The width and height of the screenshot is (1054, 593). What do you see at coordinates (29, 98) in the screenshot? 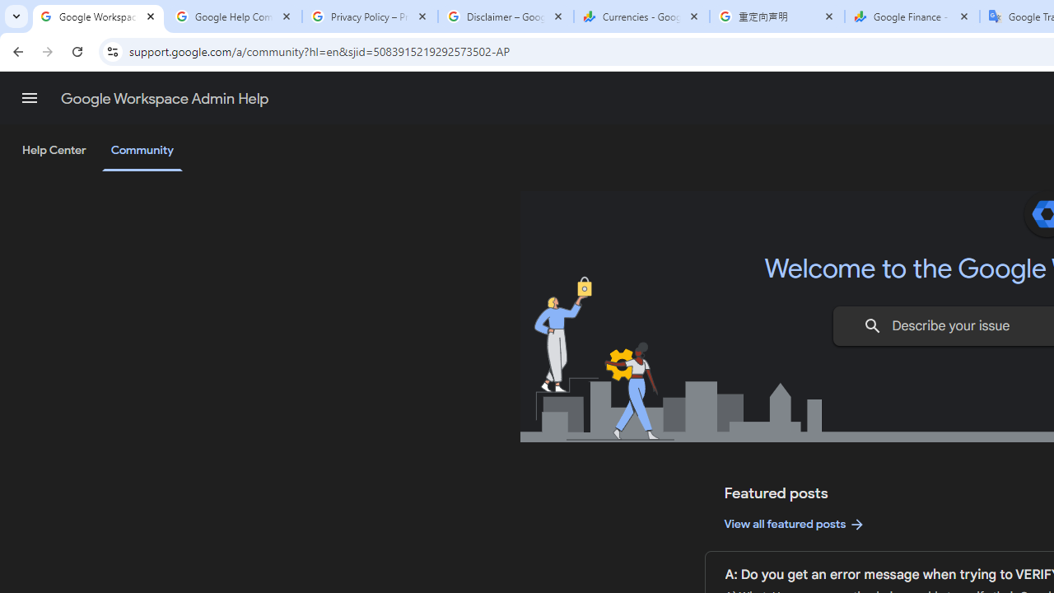
I see `'Main menu'` at bounding box center [29, 98].